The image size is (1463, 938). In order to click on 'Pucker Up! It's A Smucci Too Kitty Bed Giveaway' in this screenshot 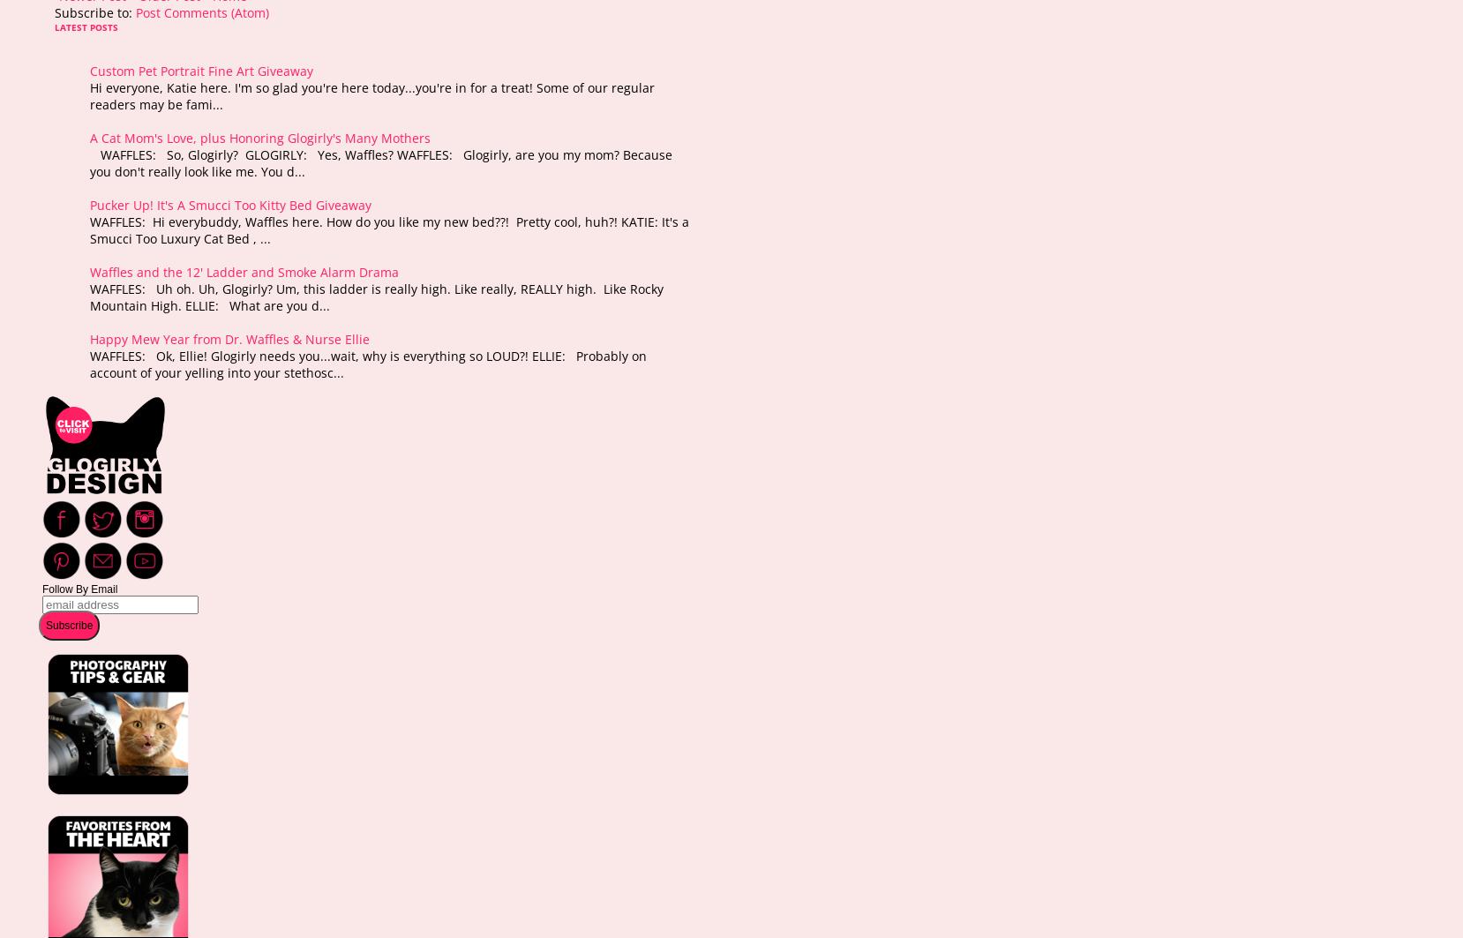, I will do `click(230, 204)`.